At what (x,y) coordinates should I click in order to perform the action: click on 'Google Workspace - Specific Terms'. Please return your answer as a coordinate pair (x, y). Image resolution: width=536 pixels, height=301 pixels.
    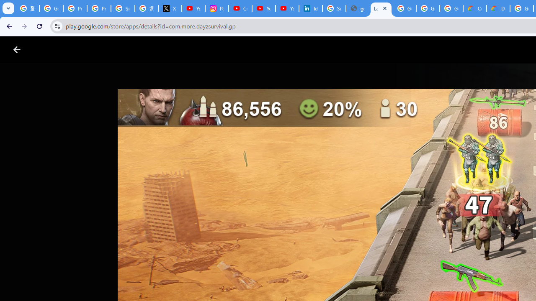
    Looking at the image, I should click on (428, 8).